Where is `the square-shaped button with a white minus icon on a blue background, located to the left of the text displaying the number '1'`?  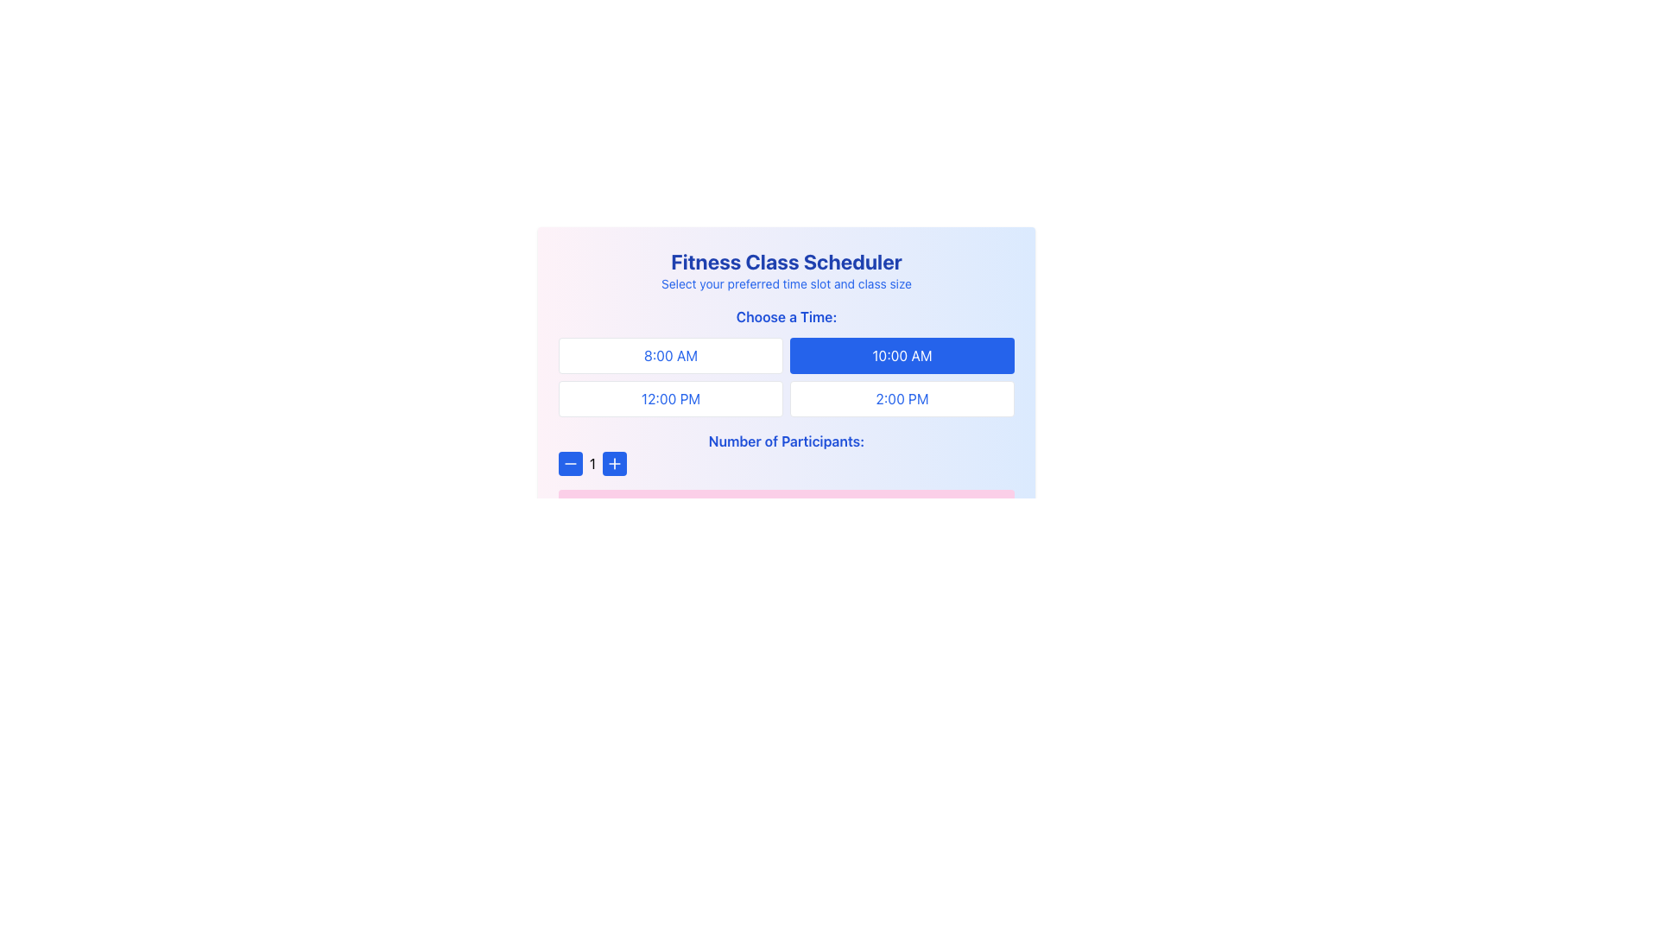
the square-shaped button with a white minus icon on a blue background, located to the left of the text displaying the number '1' is located at coordinates (571, 462).